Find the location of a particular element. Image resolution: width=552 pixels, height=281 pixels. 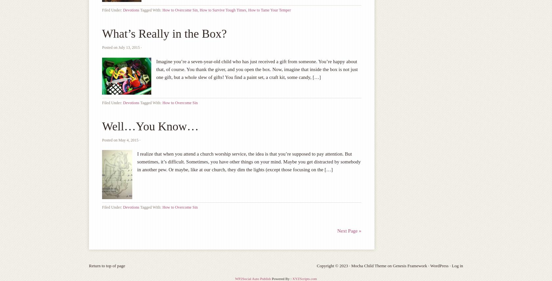

'Genesis Framework' is located at coordinates (410, 266).